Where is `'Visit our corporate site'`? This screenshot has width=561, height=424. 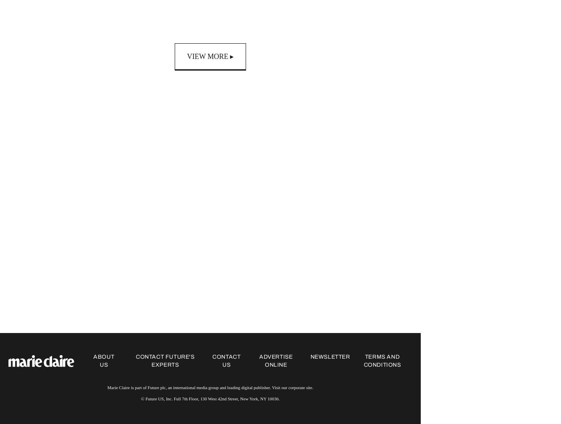 'Visit our corporate site' is located at coordinates (292, 388).